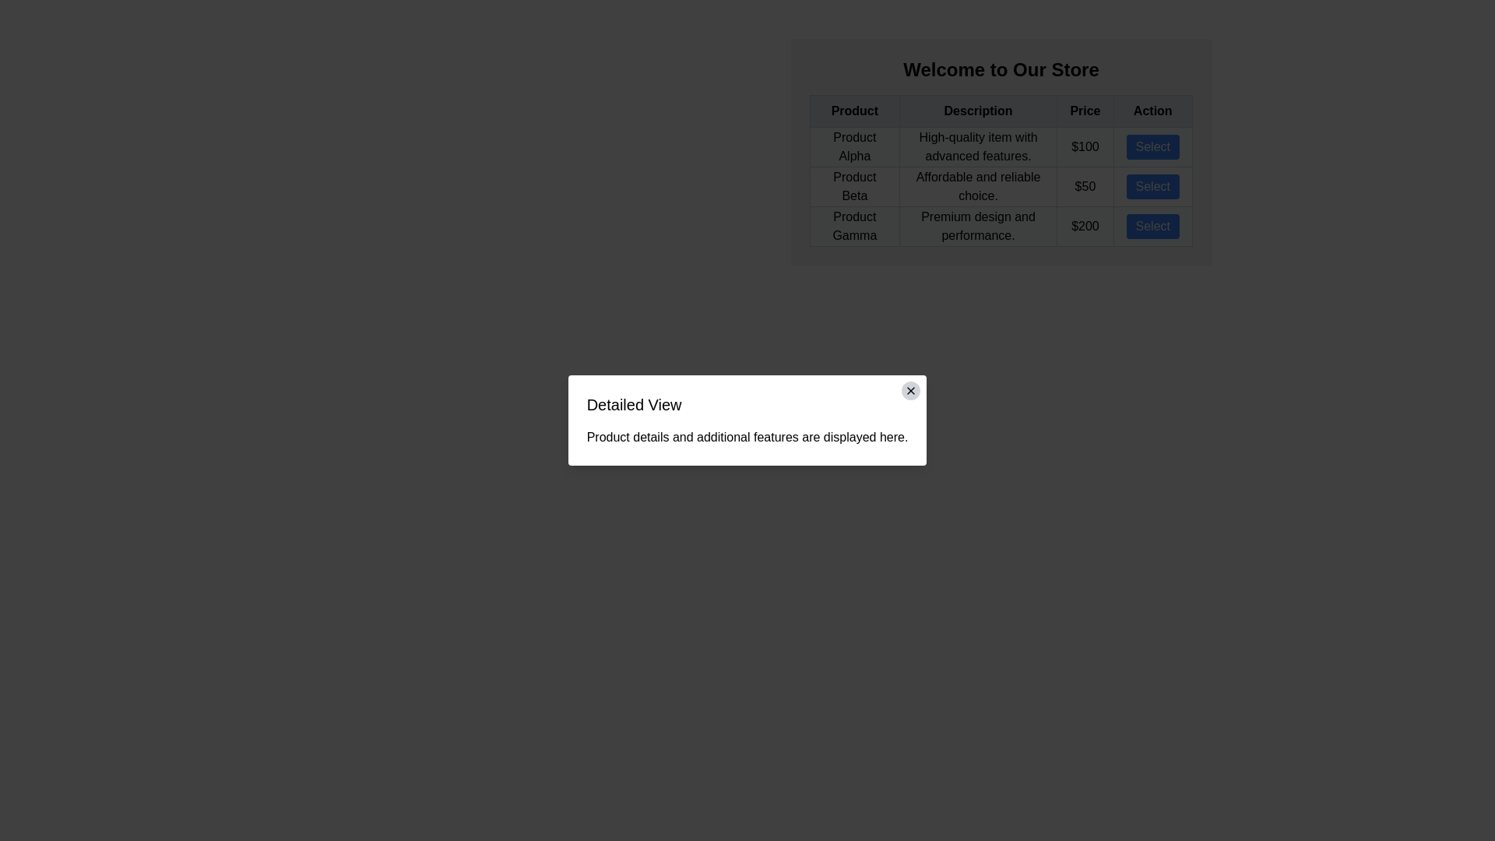 The height and width of the screenshot is (841, 1495). I want to click on the descriptive text label for 'Product Beta' located in the second column of the table layout, positioned between the product label and the price information, so click(977, 185).